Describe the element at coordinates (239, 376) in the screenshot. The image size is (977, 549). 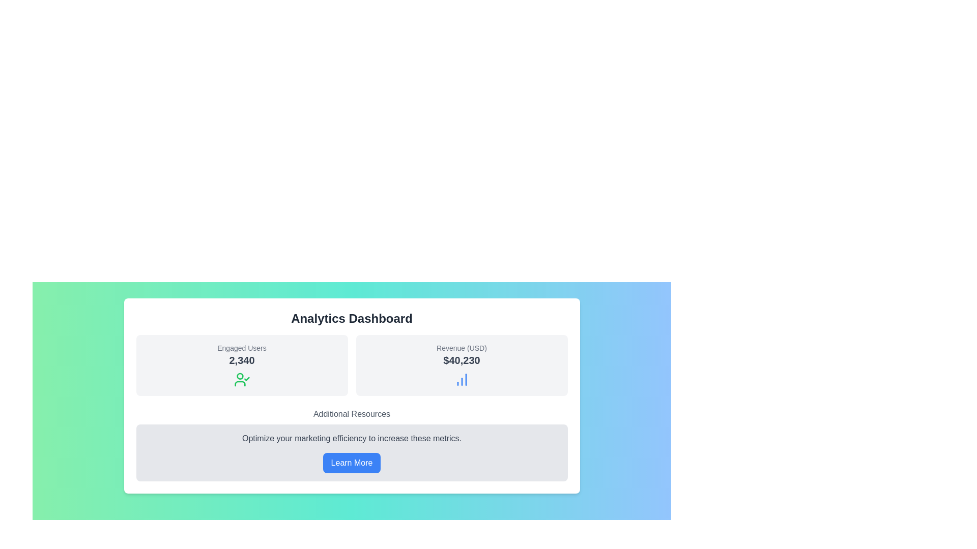
I see `small circular SVG element located above the text 'Engaged Users' within the leftmost card displaying '2,340' in the dashboard layout` at that location.